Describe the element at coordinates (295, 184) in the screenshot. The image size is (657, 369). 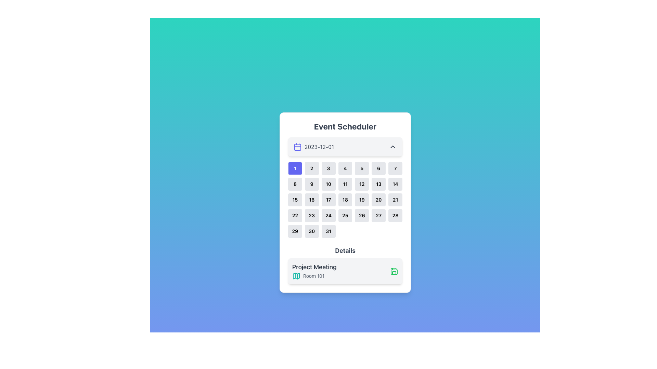
I see `the square button featuring the number '8' with a light gray background` at that location.